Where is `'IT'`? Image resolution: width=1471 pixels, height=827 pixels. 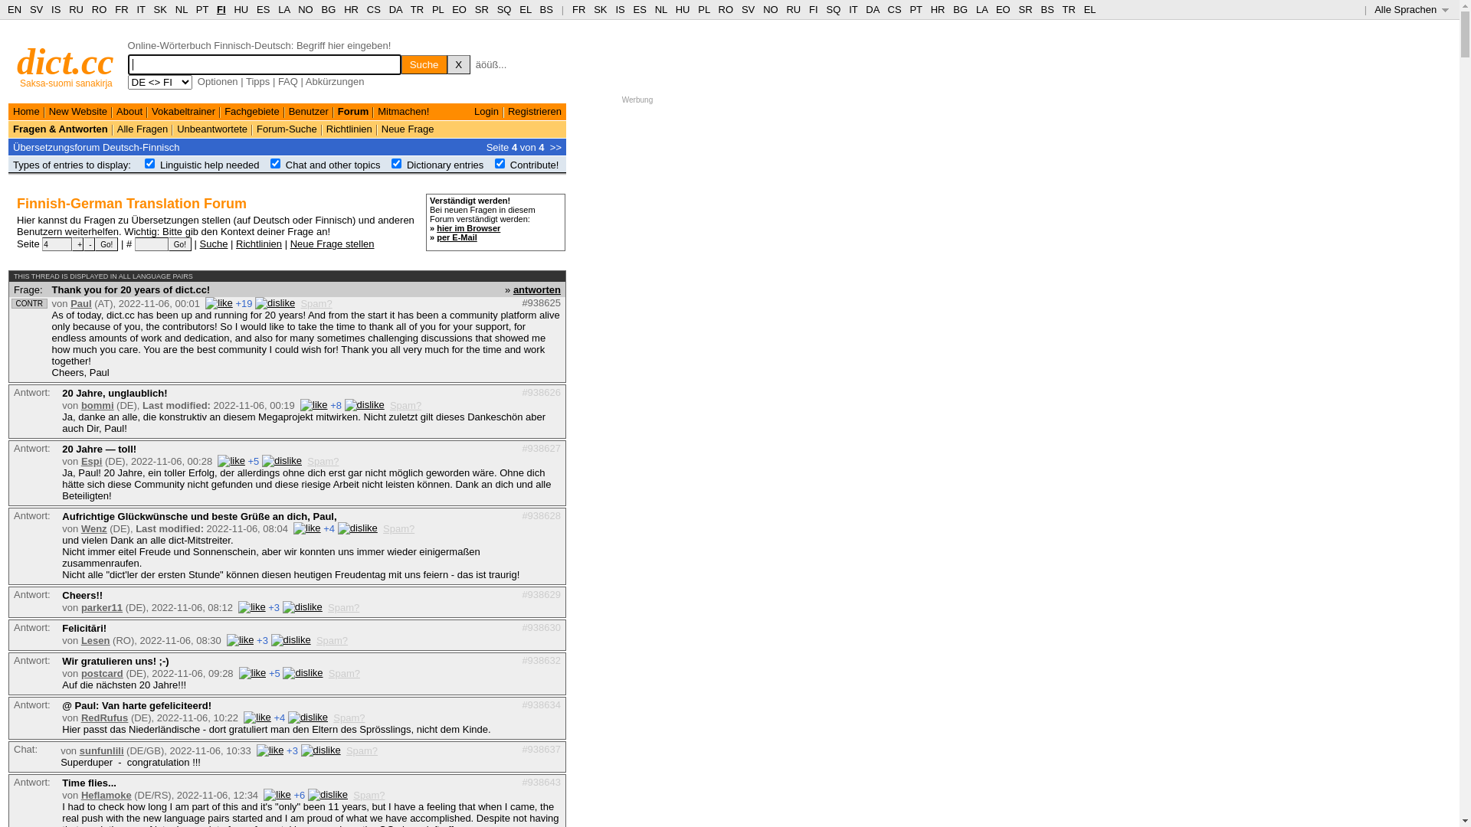 'IT' is located at coordinates (852, 9).